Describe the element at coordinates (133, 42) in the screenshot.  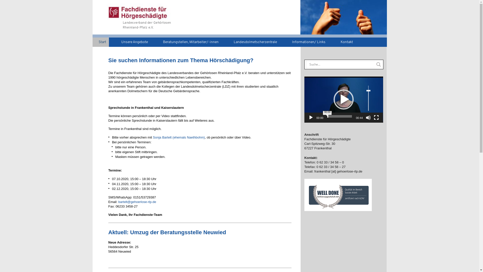
I see `'Unsere Angebote'` at that location.